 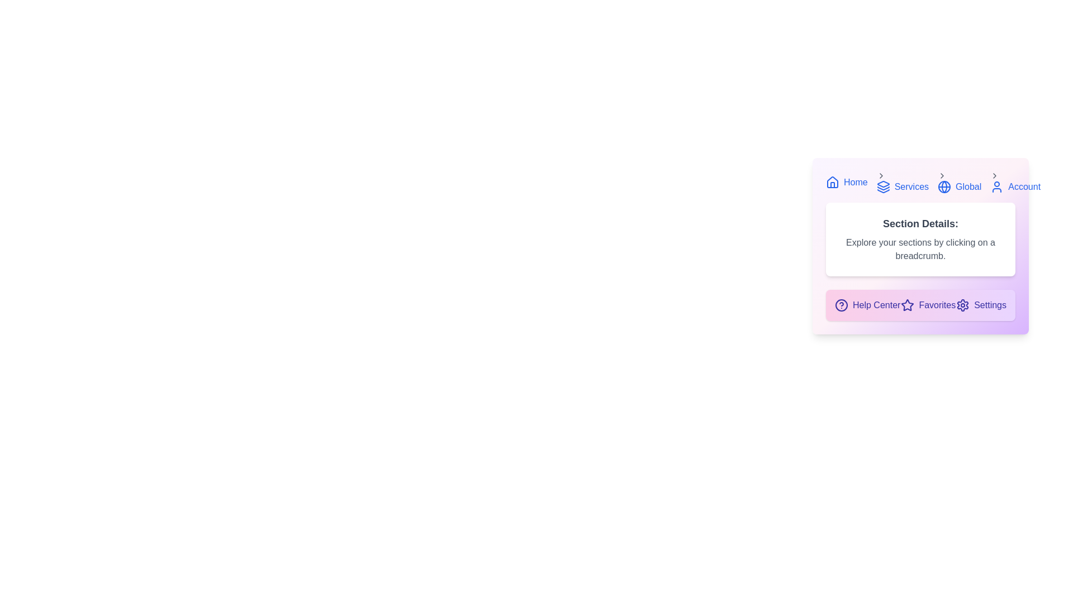 What do you see at coordinates (832, 182) in the screenshot?
I see `the blue SVG house icon located at the top left of the breadcrumb navigation bar, next to the 'Home' text` at bounding box center [832, 182].